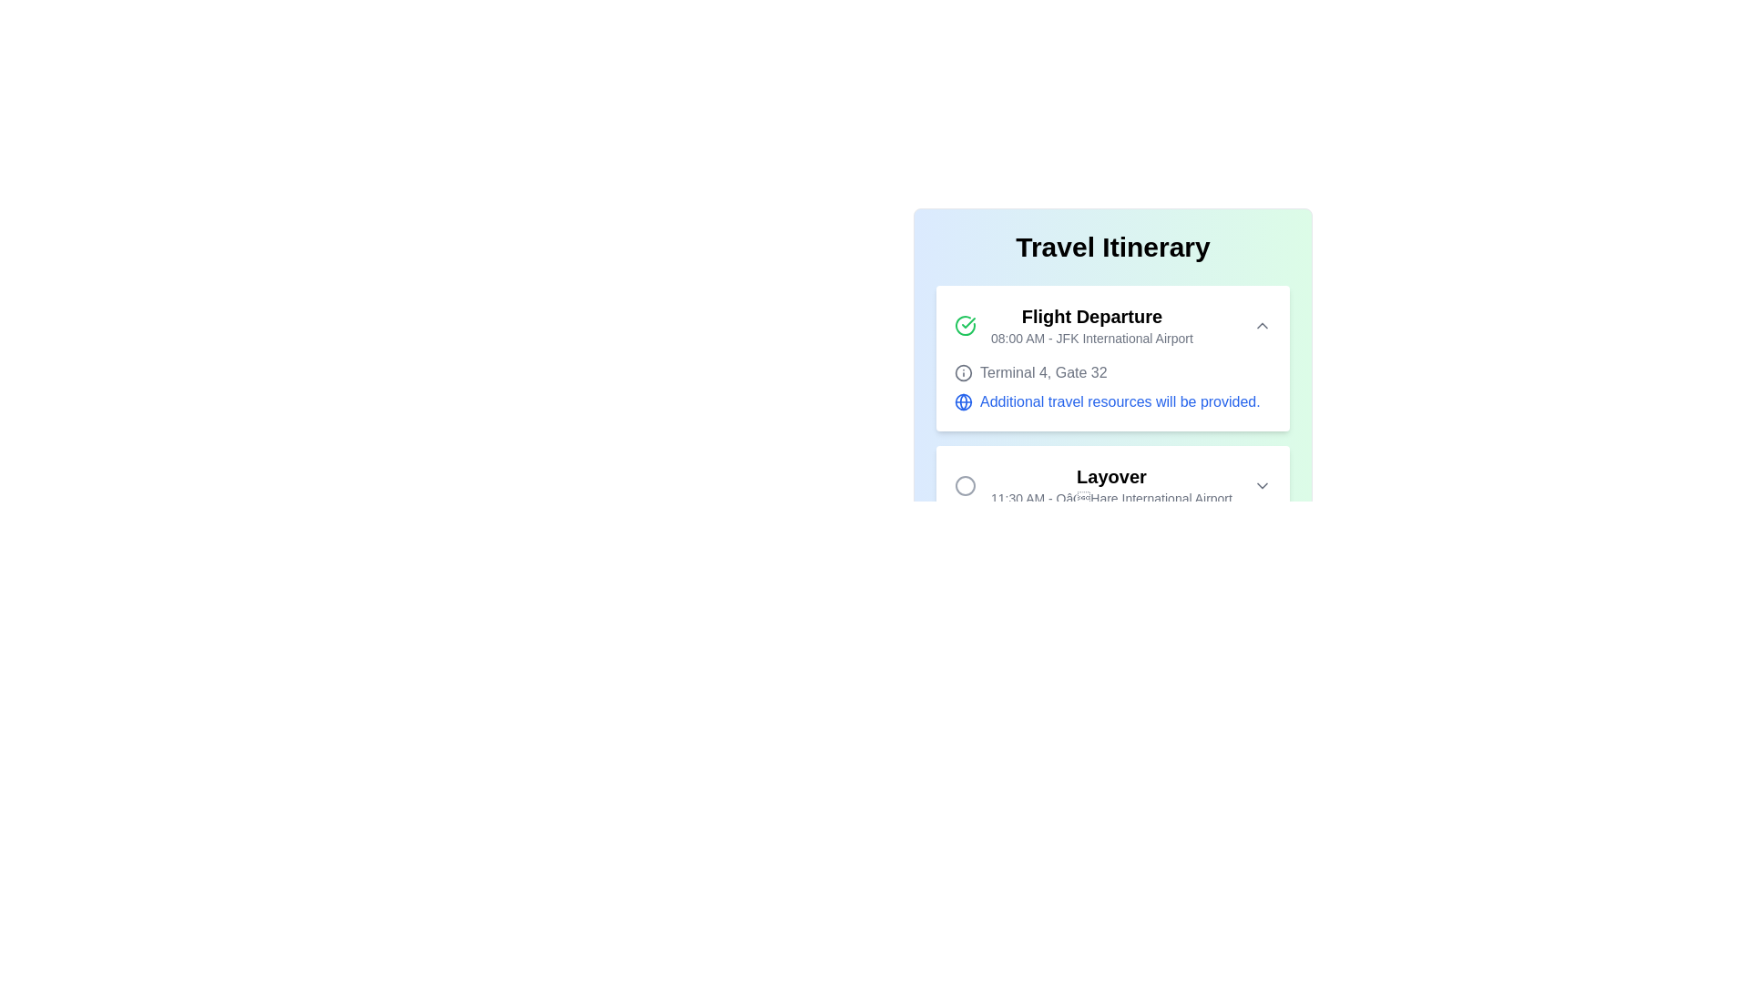  What do you see at coordinates (1110, 476) in the screenshot?
I see `the 'Layover' text label, which is prominently displayed in bold and larger font size beneath the 'Travel Itinerary' header` at bounding box center [1110, 476].